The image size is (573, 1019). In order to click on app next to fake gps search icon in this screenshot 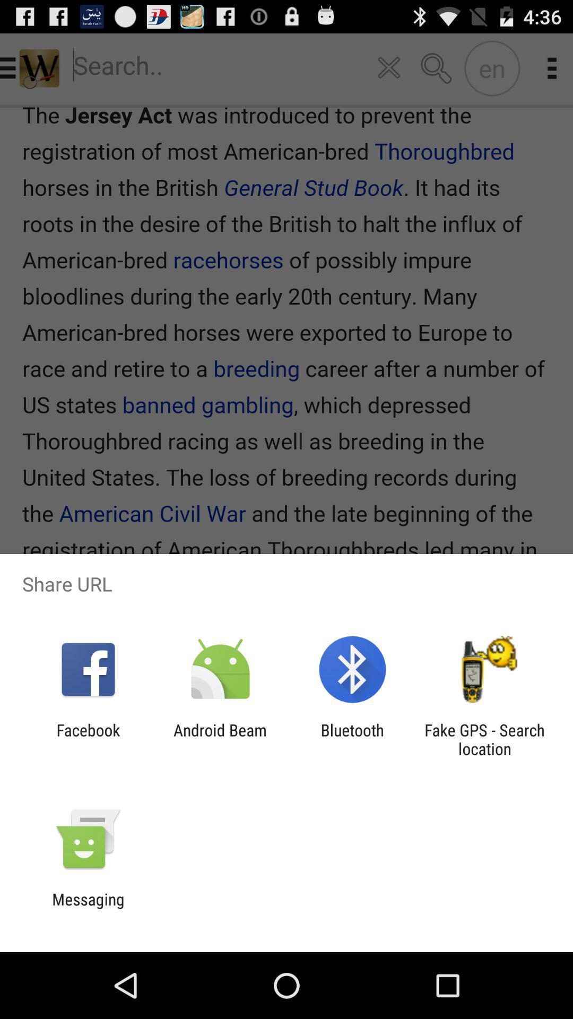, I will do `click(352, 739)`.